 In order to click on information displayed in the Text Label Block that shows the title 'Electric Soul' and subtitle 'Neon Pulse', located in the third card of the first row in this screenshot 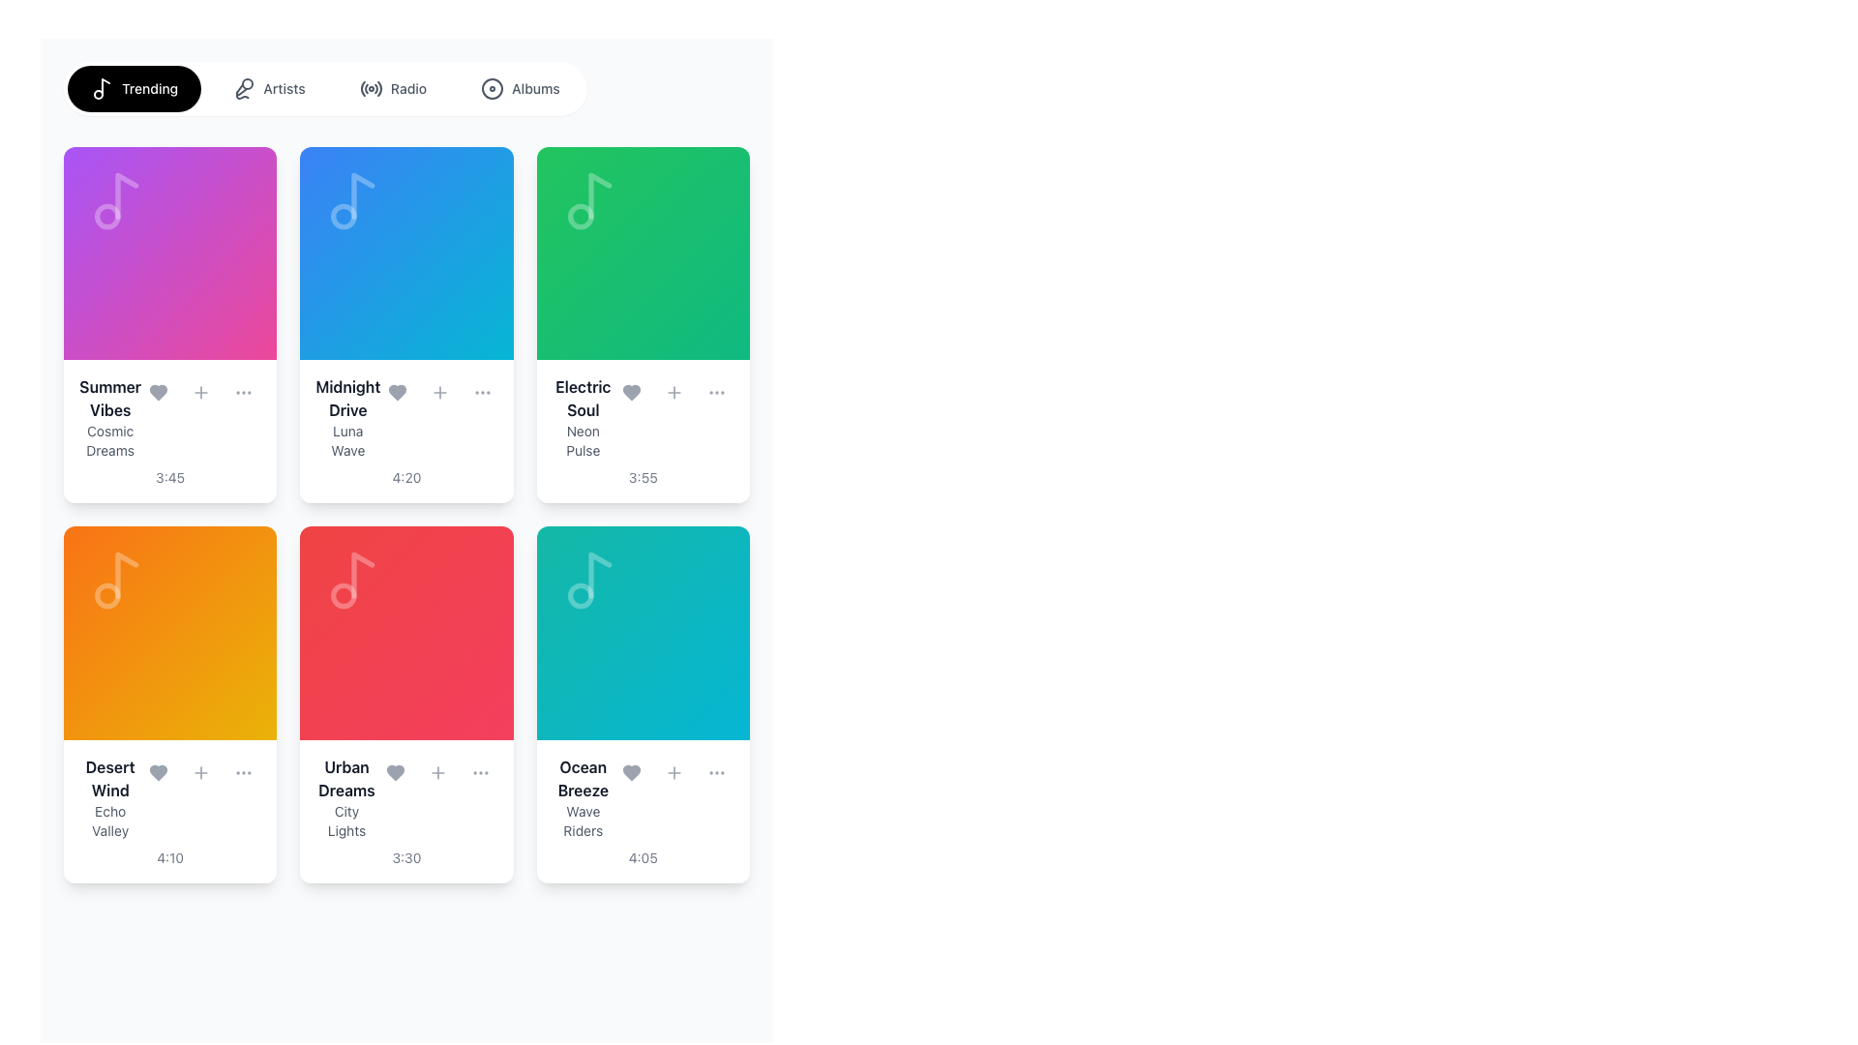, I will do `click(582, 417)`.